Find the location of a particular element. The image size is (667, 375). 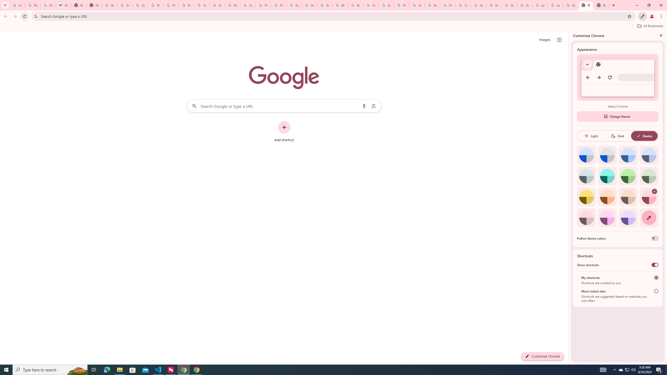

'Brand Resource Center' is located at coordinates (340, 5).